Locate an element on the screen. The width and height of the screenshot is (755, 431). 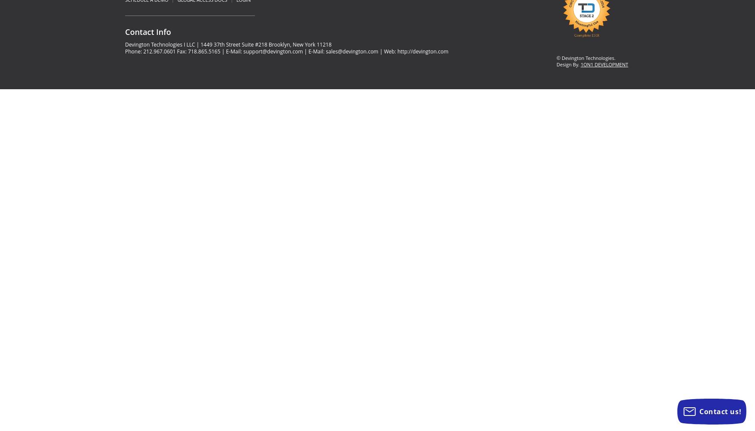
'Phone: 212.967.0601   Fax: 718.865.5165
| E-Mail:' is located at coordinates (184, 50).